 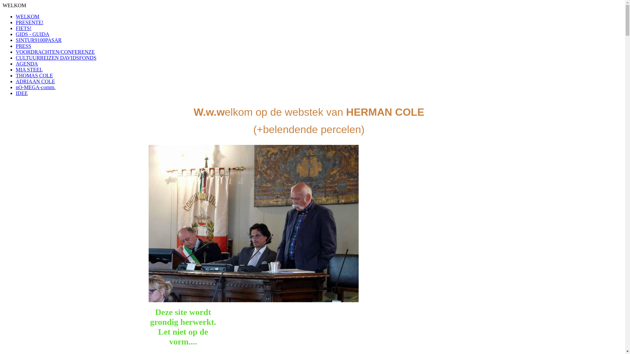 What do you see at coordinates (35, 81) in the screenshot?
I see `'ADRIAAN COLE'` at bounding box center [35, 81].